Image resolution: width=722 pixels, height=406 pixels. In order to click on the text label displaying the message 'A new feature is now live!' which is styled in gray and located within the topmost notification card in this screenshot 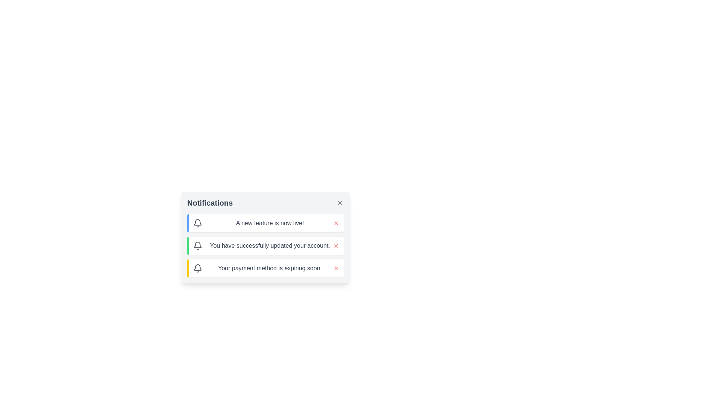, I will do `click(270, 223)`.